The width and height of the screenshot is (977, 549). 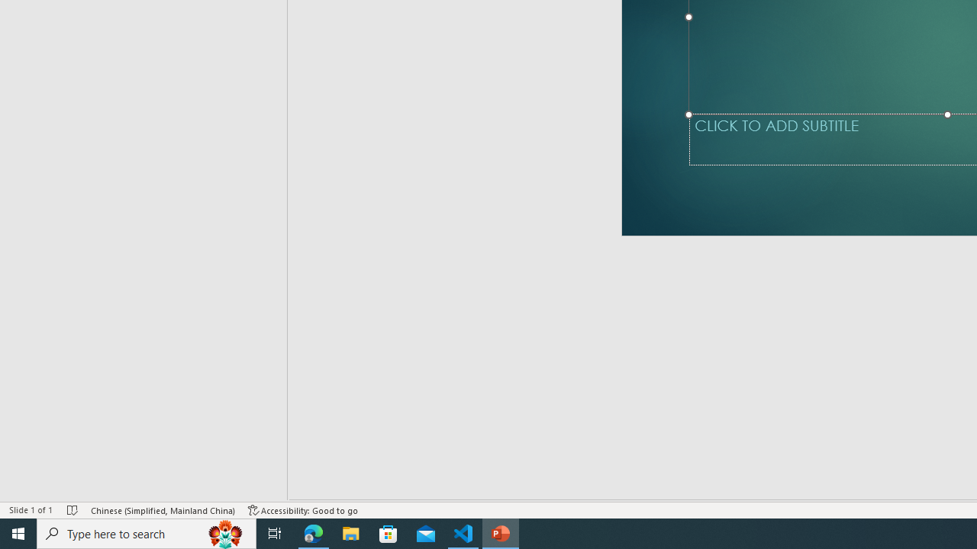 I want to click on 'Search highlights icon opens search home window', so click(x=224, y=532).